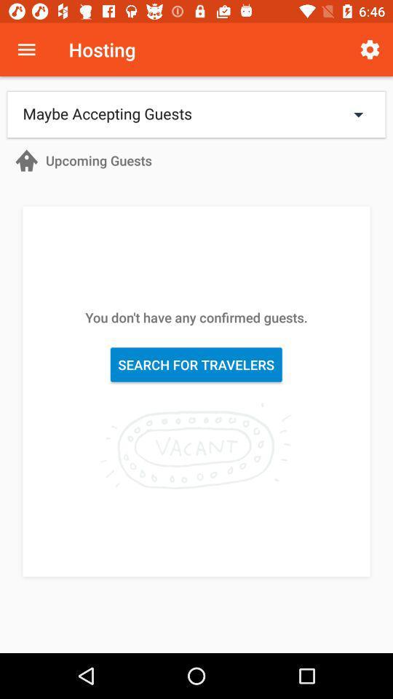 The width and height of the screenshot is (393, 699). I want to click on the item next to the hosting, so click(370, 50).